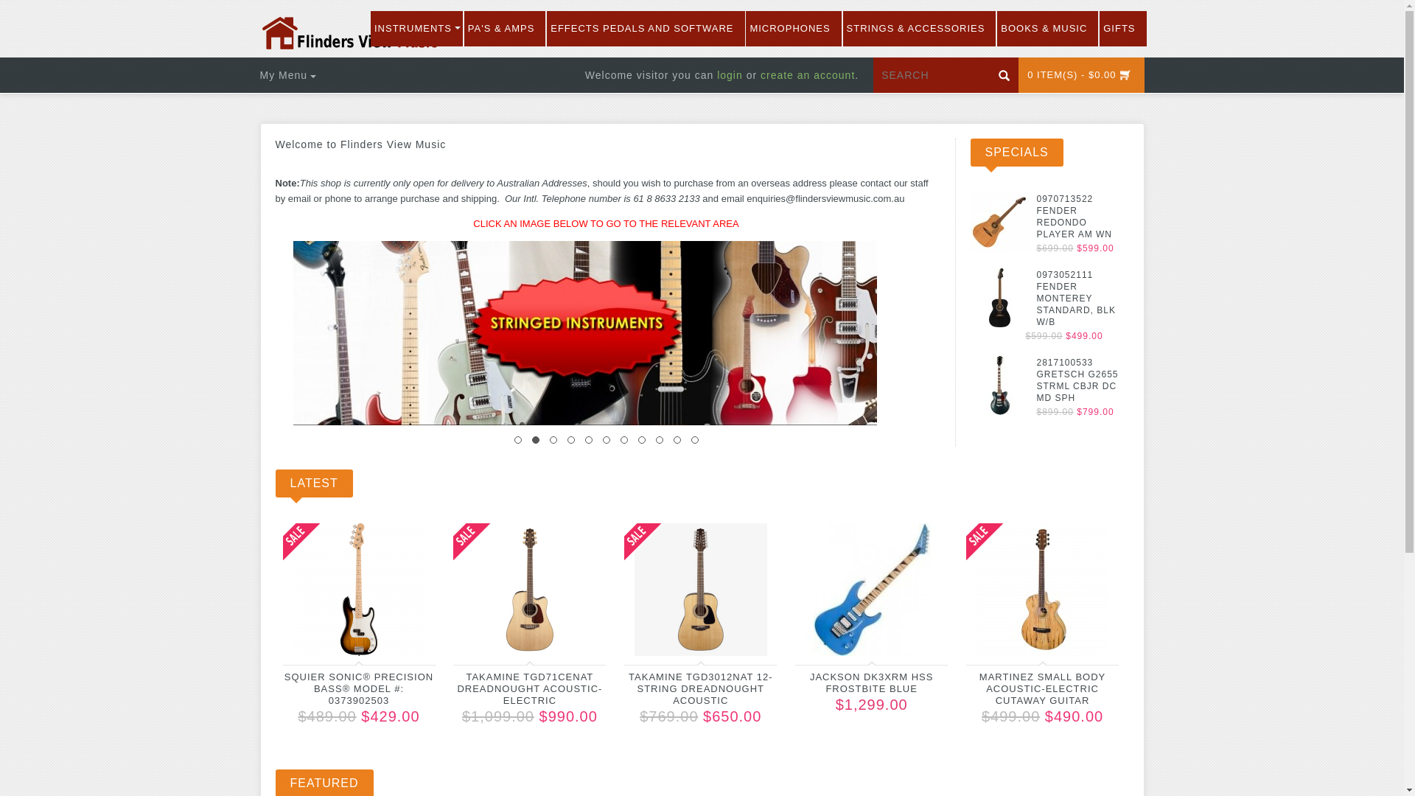 This screenshot has height=796, width=1415. Describe the element at coordinates (919, 28) in the screenshot. I see `'STRINGS & ACCESSORIES'` at that location.